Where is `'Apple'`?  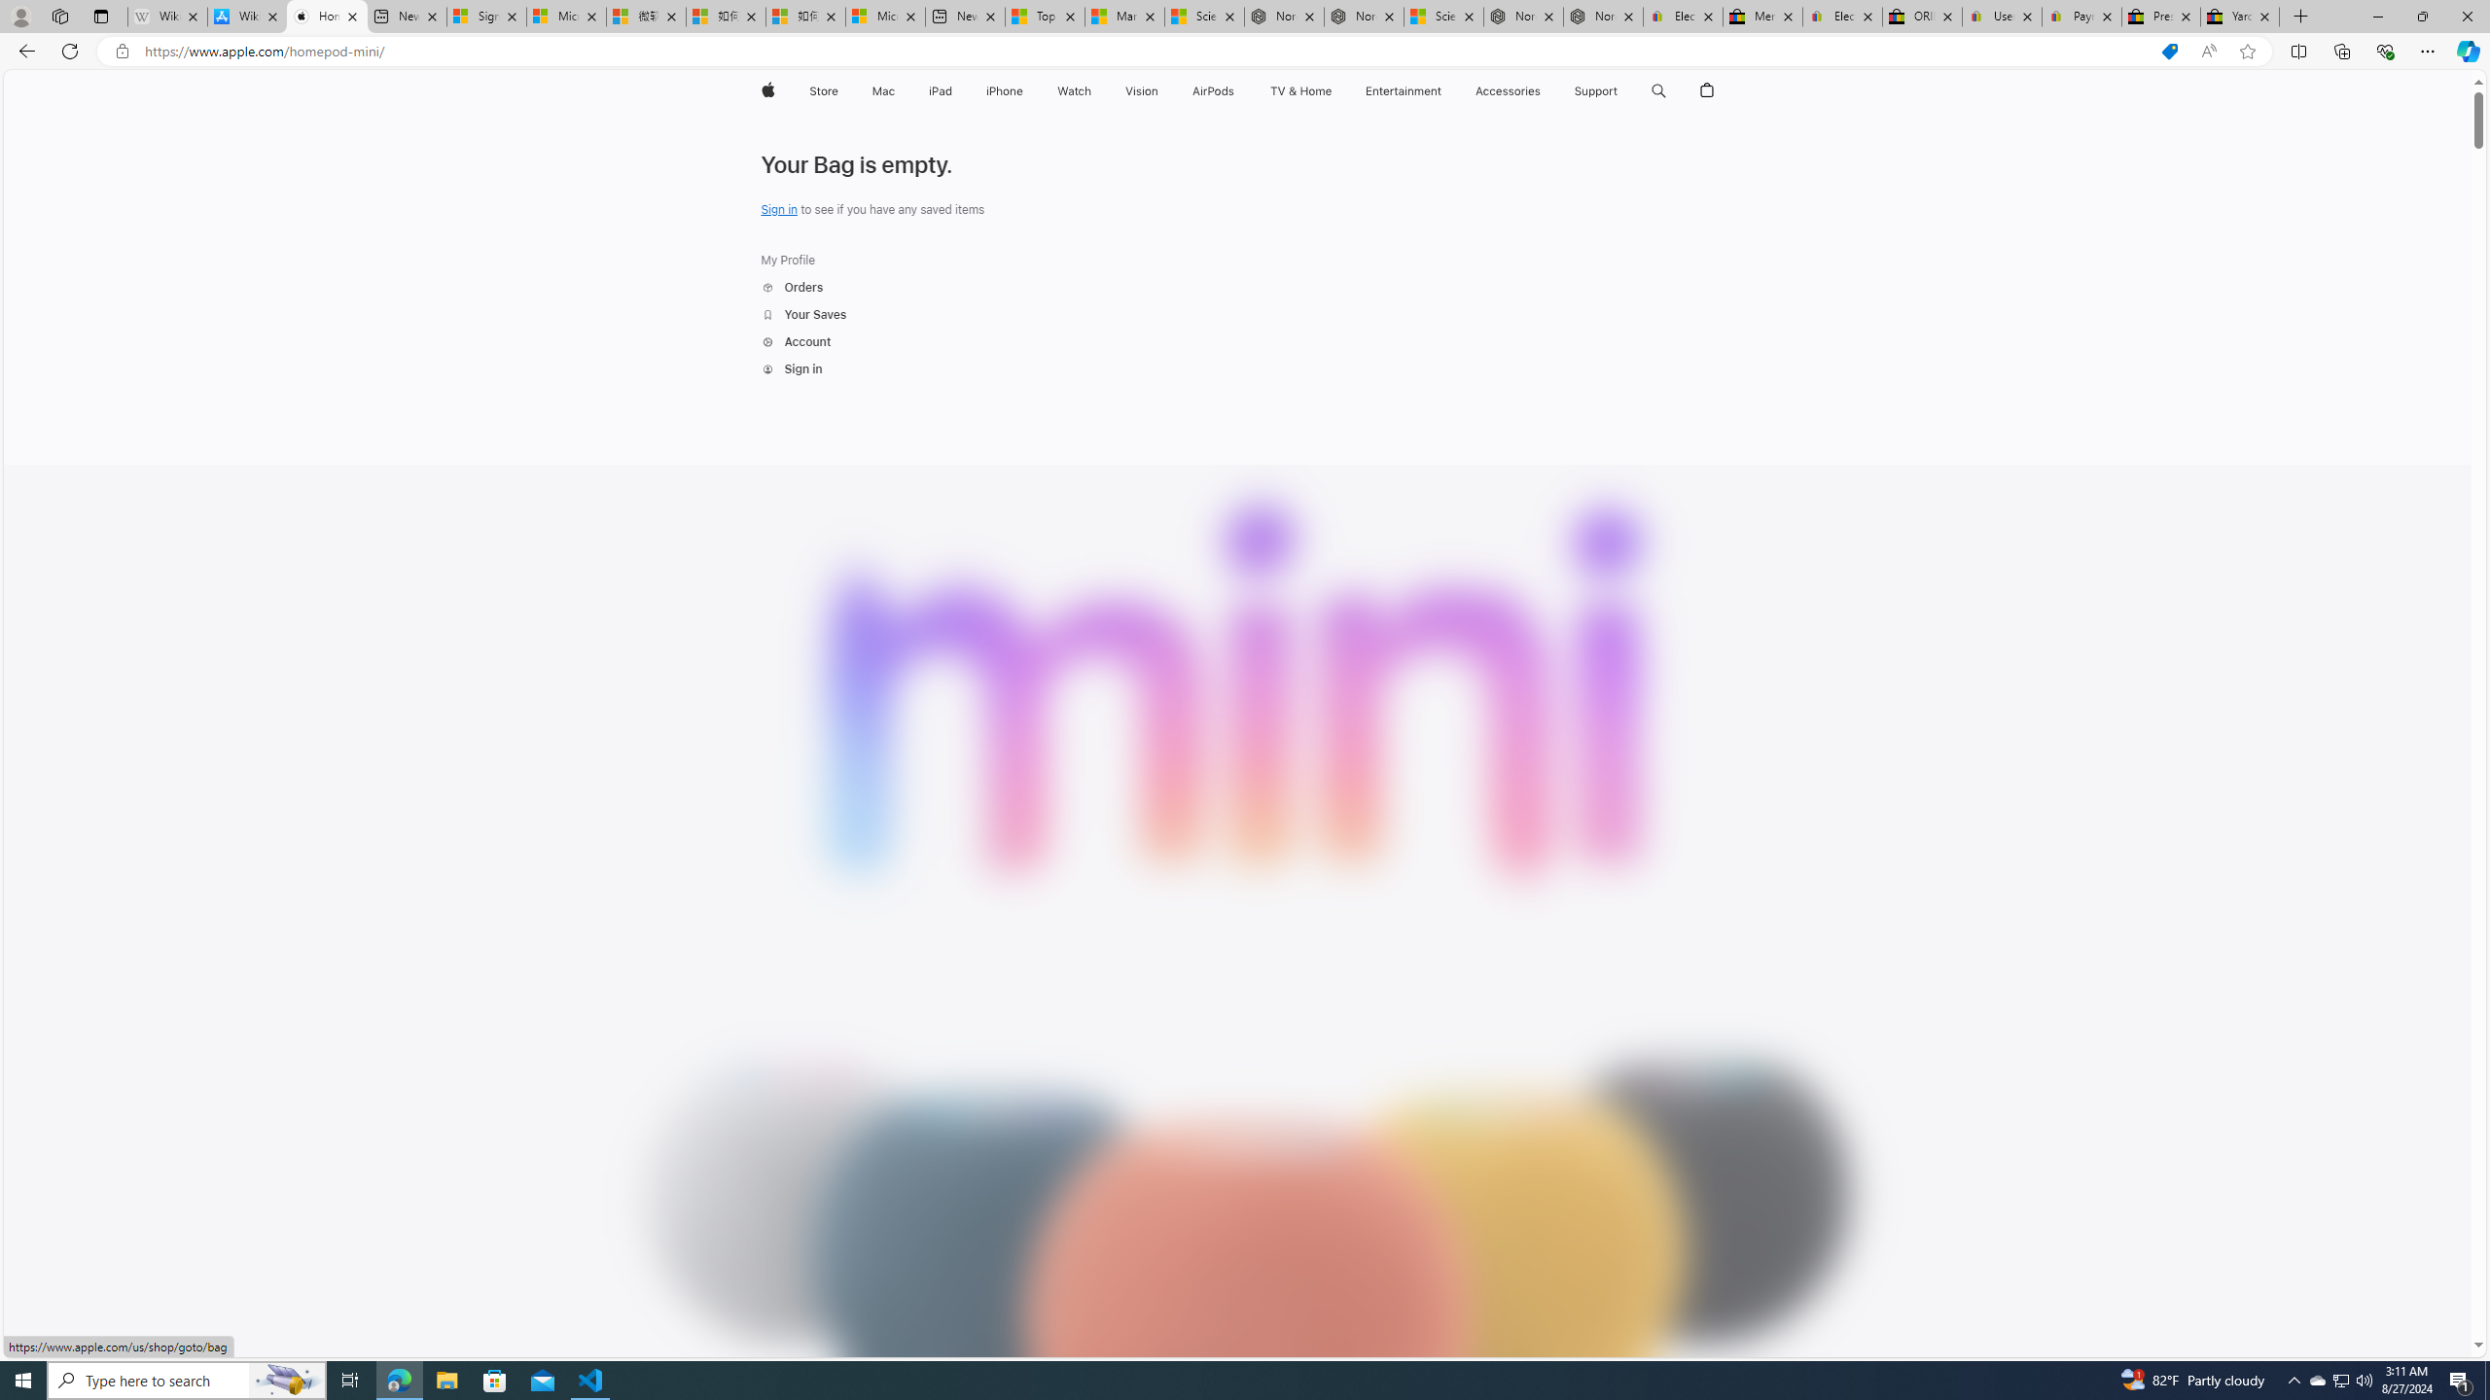 'Apple' is located at coordinates (765, 90).